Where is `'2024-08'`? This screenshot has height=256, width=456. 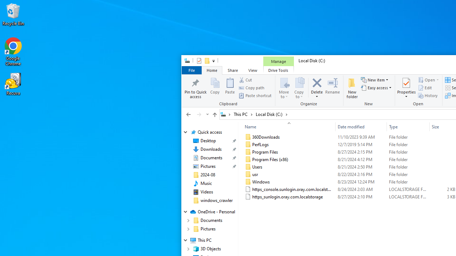
'2024-08' is located at coordinates (207, 175).